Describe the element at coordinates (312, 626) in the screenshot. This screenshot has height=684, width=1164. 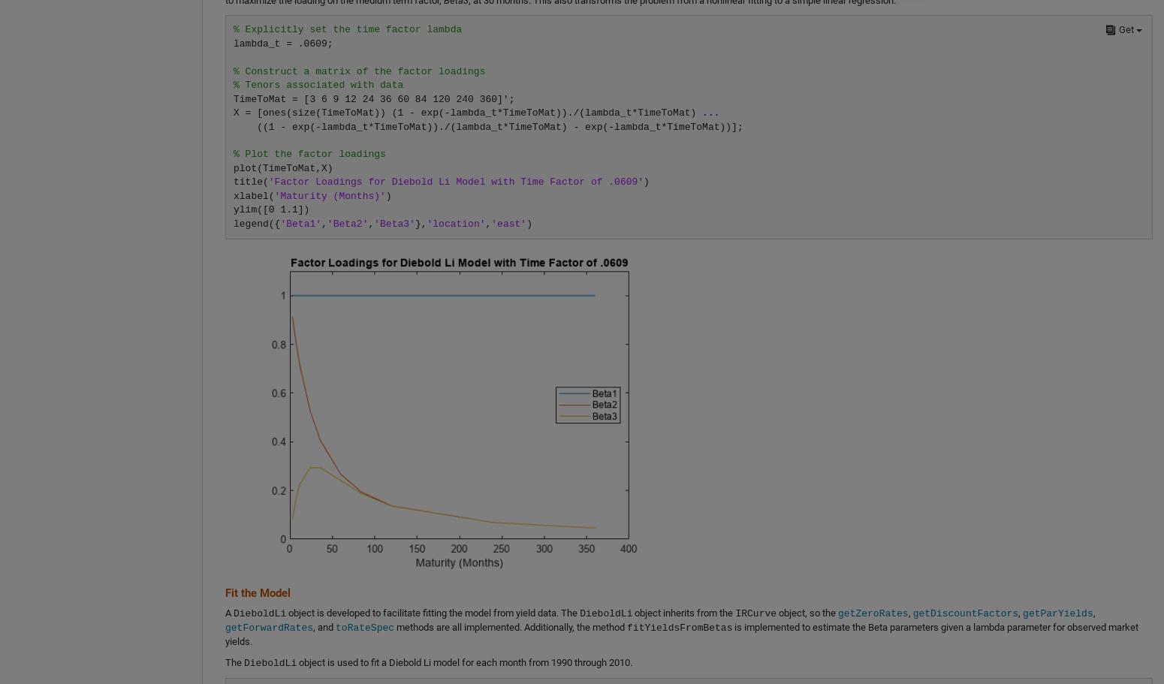
I see `', and'` at that location.